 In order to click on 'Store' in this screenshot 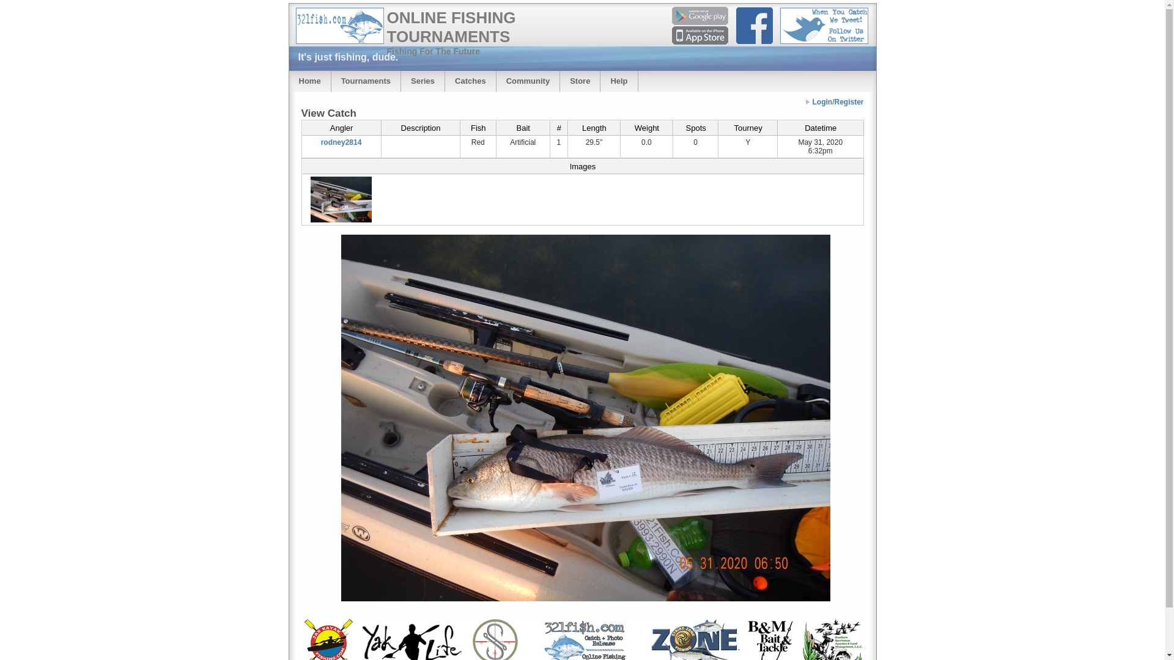, I will do `click(579, 81)`.